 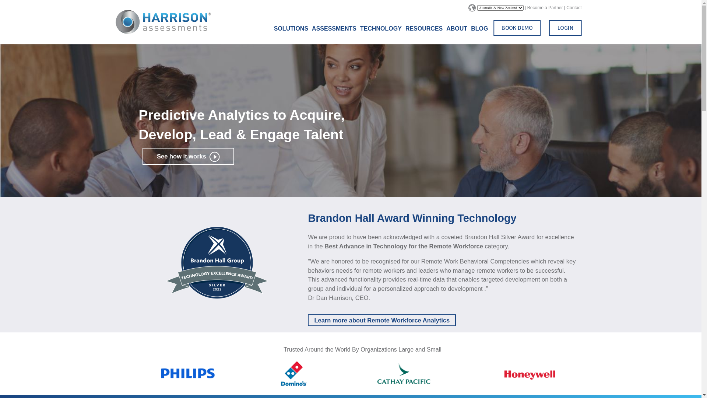 What do you see at coordinates (527, 7) in the screenshot?
I see `'Become a Partner'` at bounding box center [527, 7].